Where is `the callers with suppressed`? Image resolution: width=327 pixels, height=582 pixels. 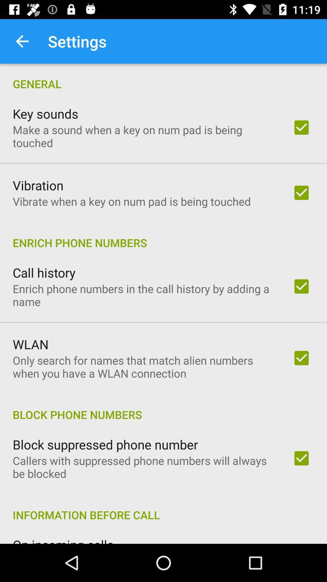 the callers with suppressed is located at coordinates (144, 467).